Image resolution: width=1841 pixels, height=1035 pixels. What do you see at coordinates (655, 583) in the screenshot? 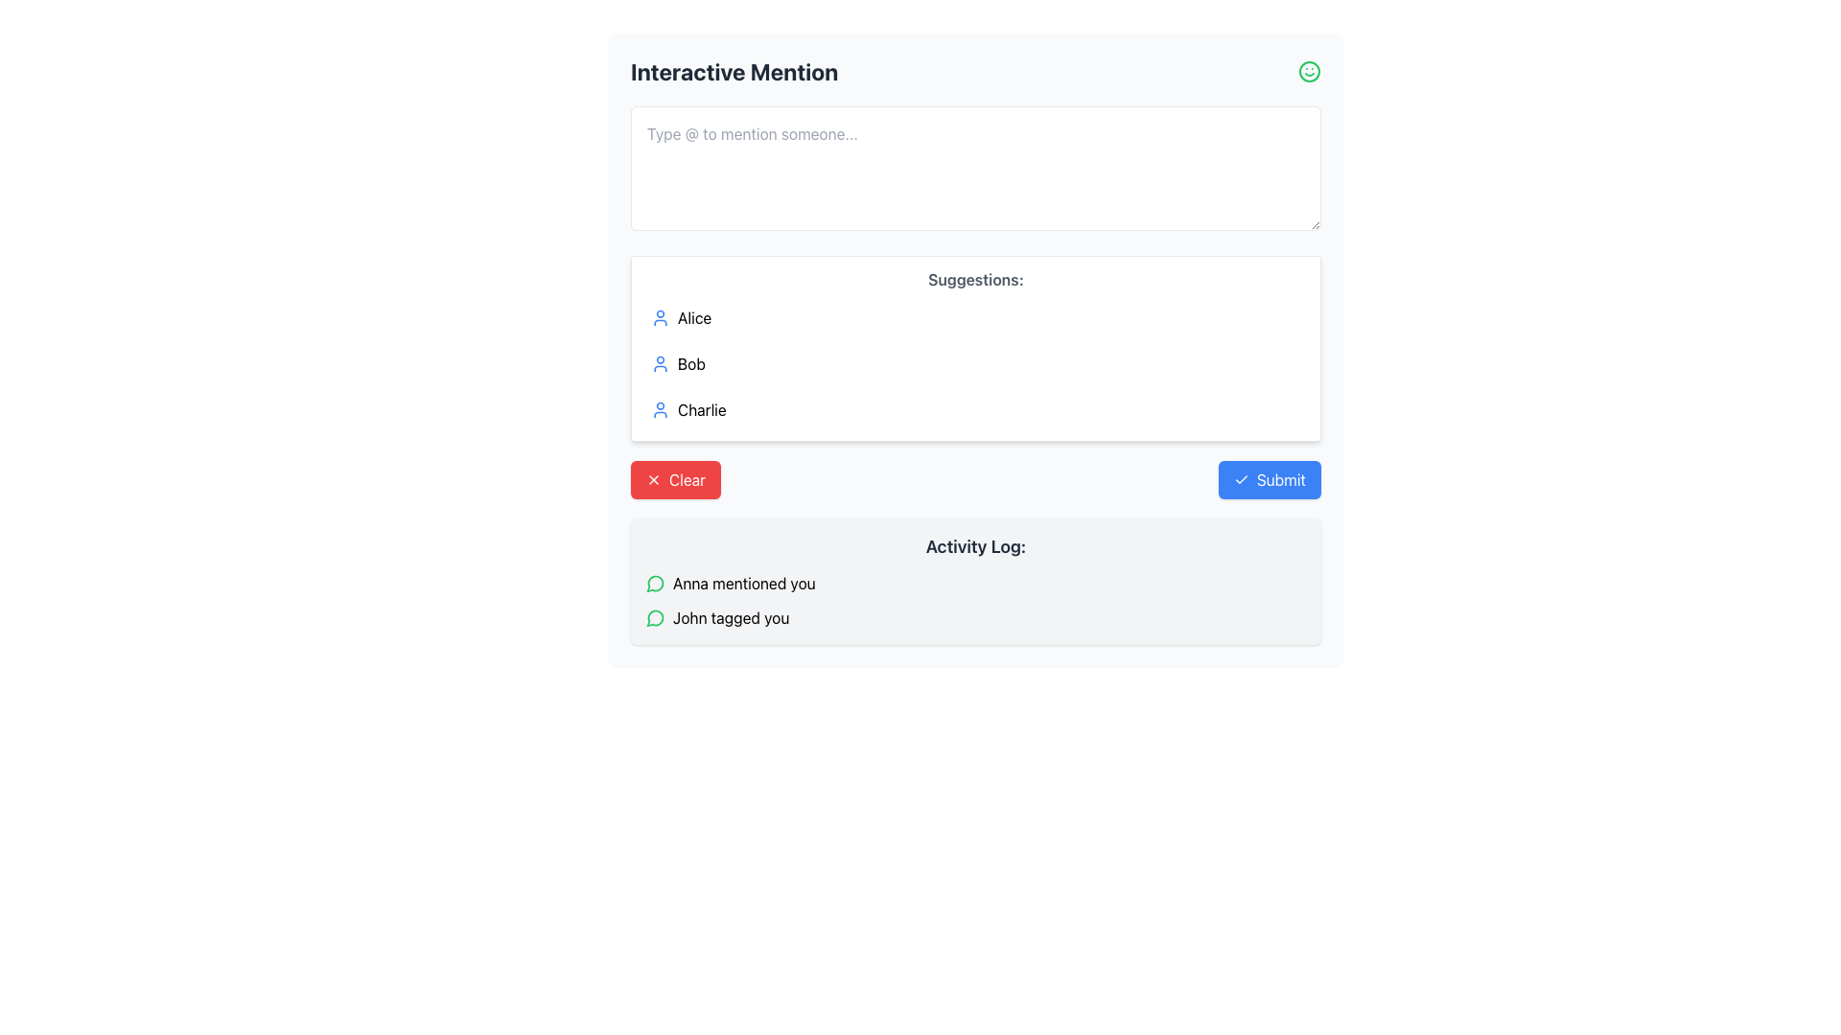
I see `the circular green chat bubble icon associated with the log entry mentioning 'John tagged you' in the activity log section` at bounding box center [655, 583].